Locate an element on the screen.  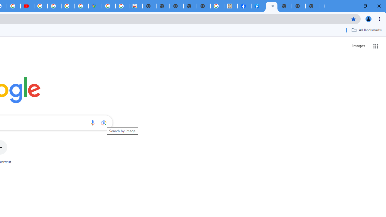
'Sign Up for Facebook' is located at coordinates (258, 6).